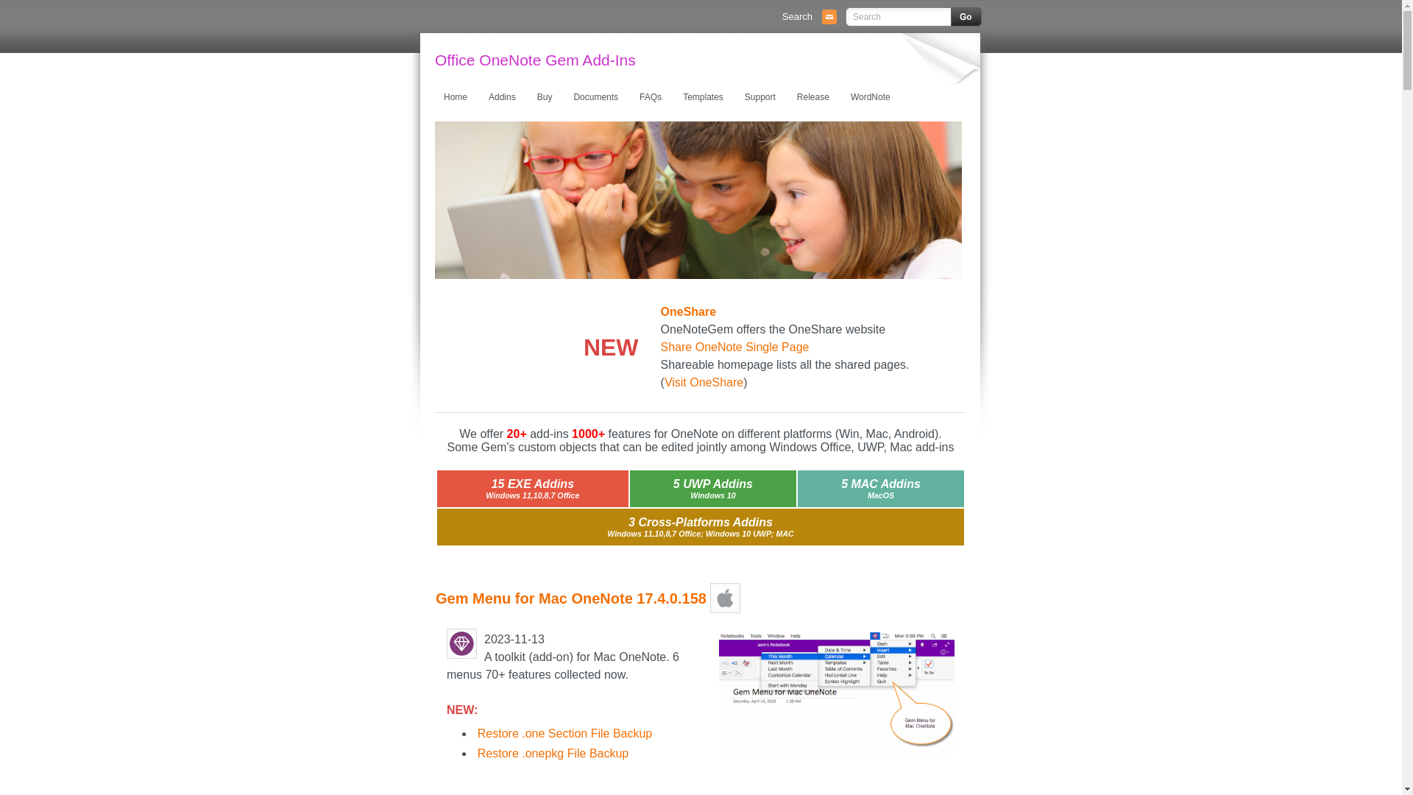 Image resolution: width=1413 pixels, height=795 pixels. Describe the element at coordinates (713, 489) in the screenshot. I see `'5 UWP Addins` at that location.